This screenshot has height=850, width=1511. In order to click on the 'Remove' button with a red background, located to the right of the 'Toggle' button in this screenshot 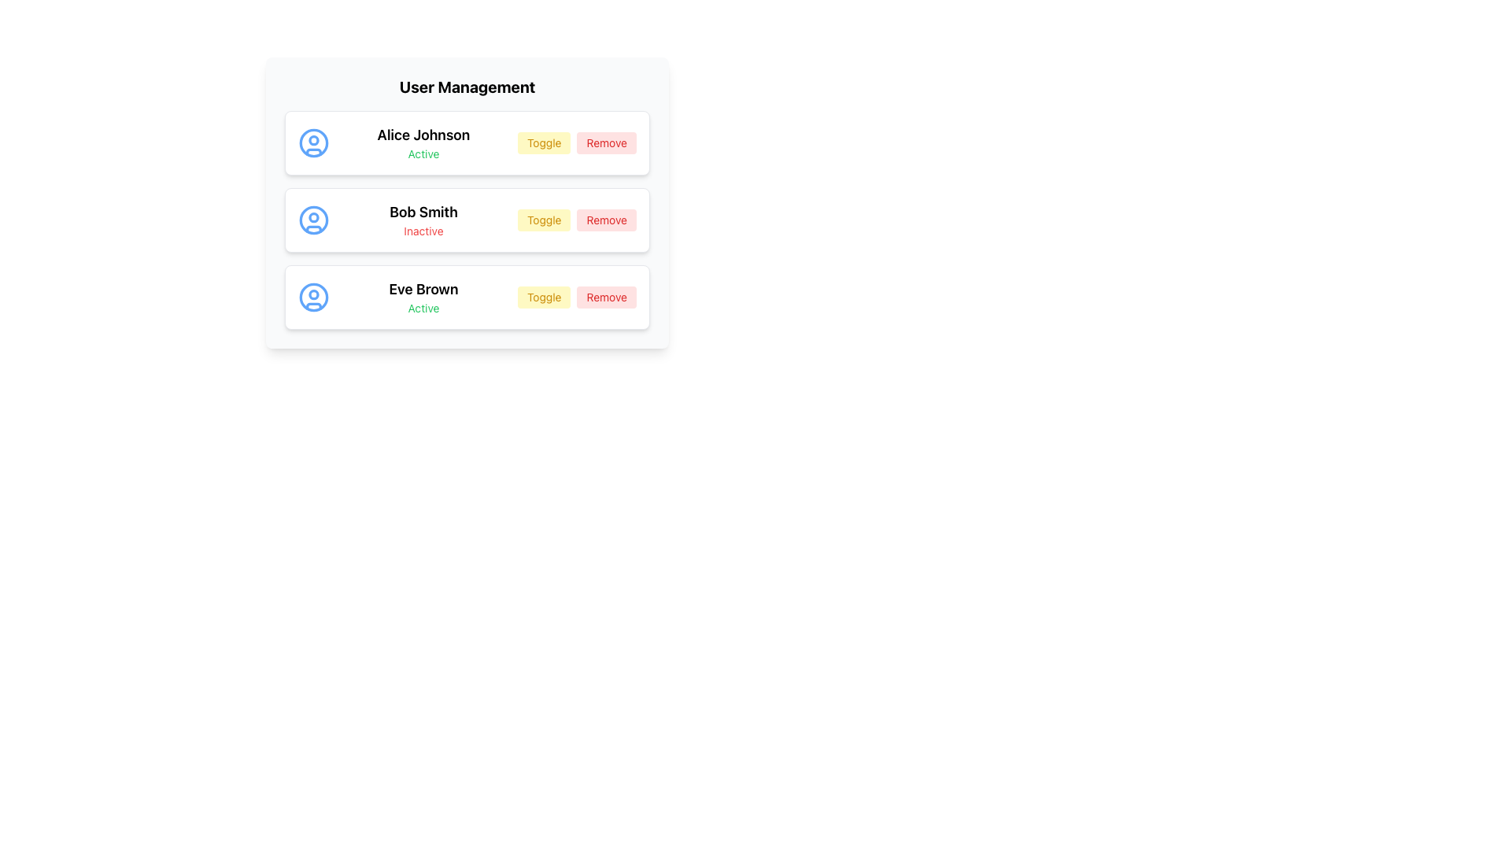, I will do `click(576, 220)`.